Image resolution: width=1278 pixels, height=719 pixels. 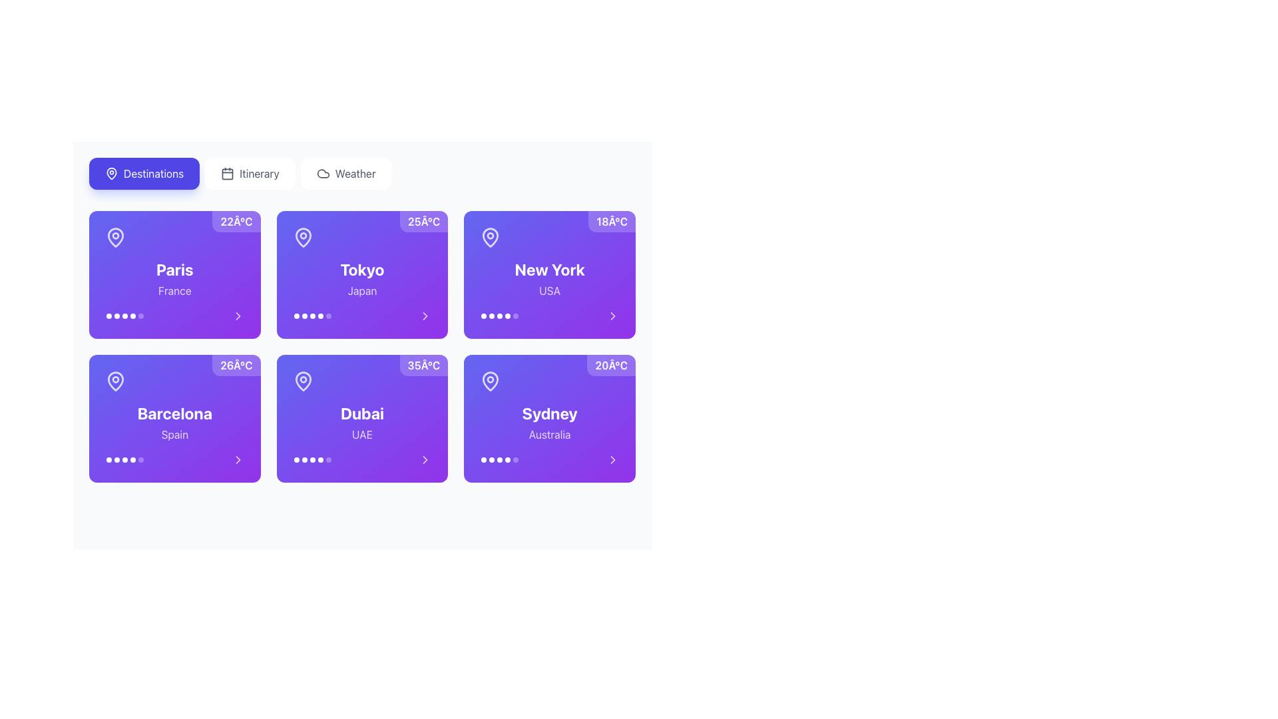 I want to click on temperature information displayed on the label showing '22°C' in the top-right corner of the Paris card, so click(x=236, y=220).